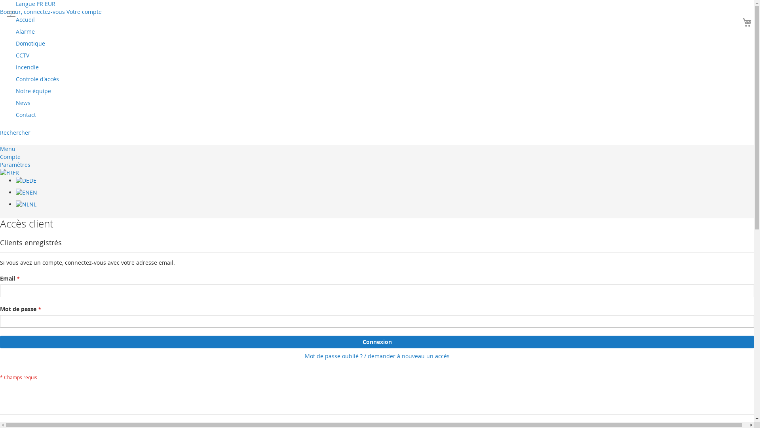  I want to click on 'Rechercher', so click(15, 132).